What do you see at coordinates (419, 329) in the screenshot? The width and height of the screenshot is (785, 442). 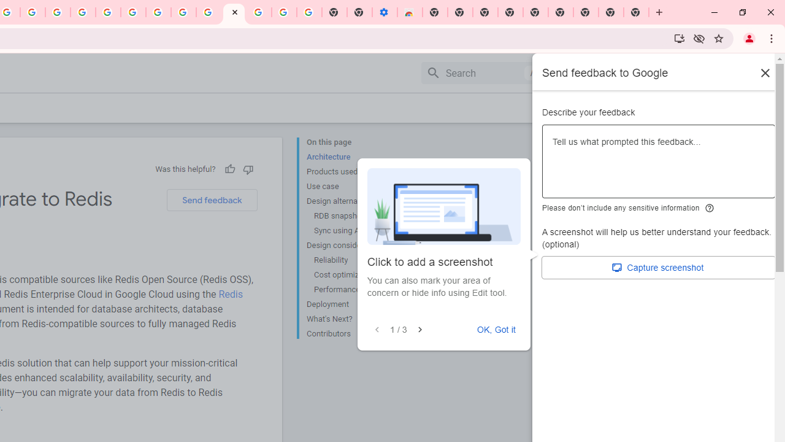 I see `'Next'` at bounding box center [419, 329].